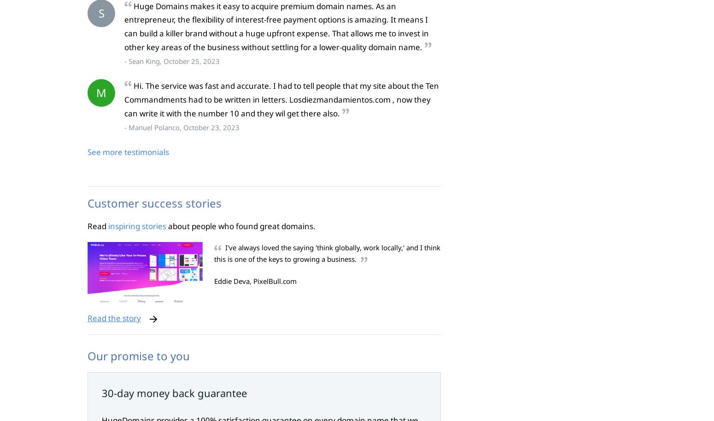 This screenshot has height=421, width=714. I want to click on 'I've always loved the saying 'think globally, work locally,' and I think this is one of the keys to growing a business.', so click(327, 253).